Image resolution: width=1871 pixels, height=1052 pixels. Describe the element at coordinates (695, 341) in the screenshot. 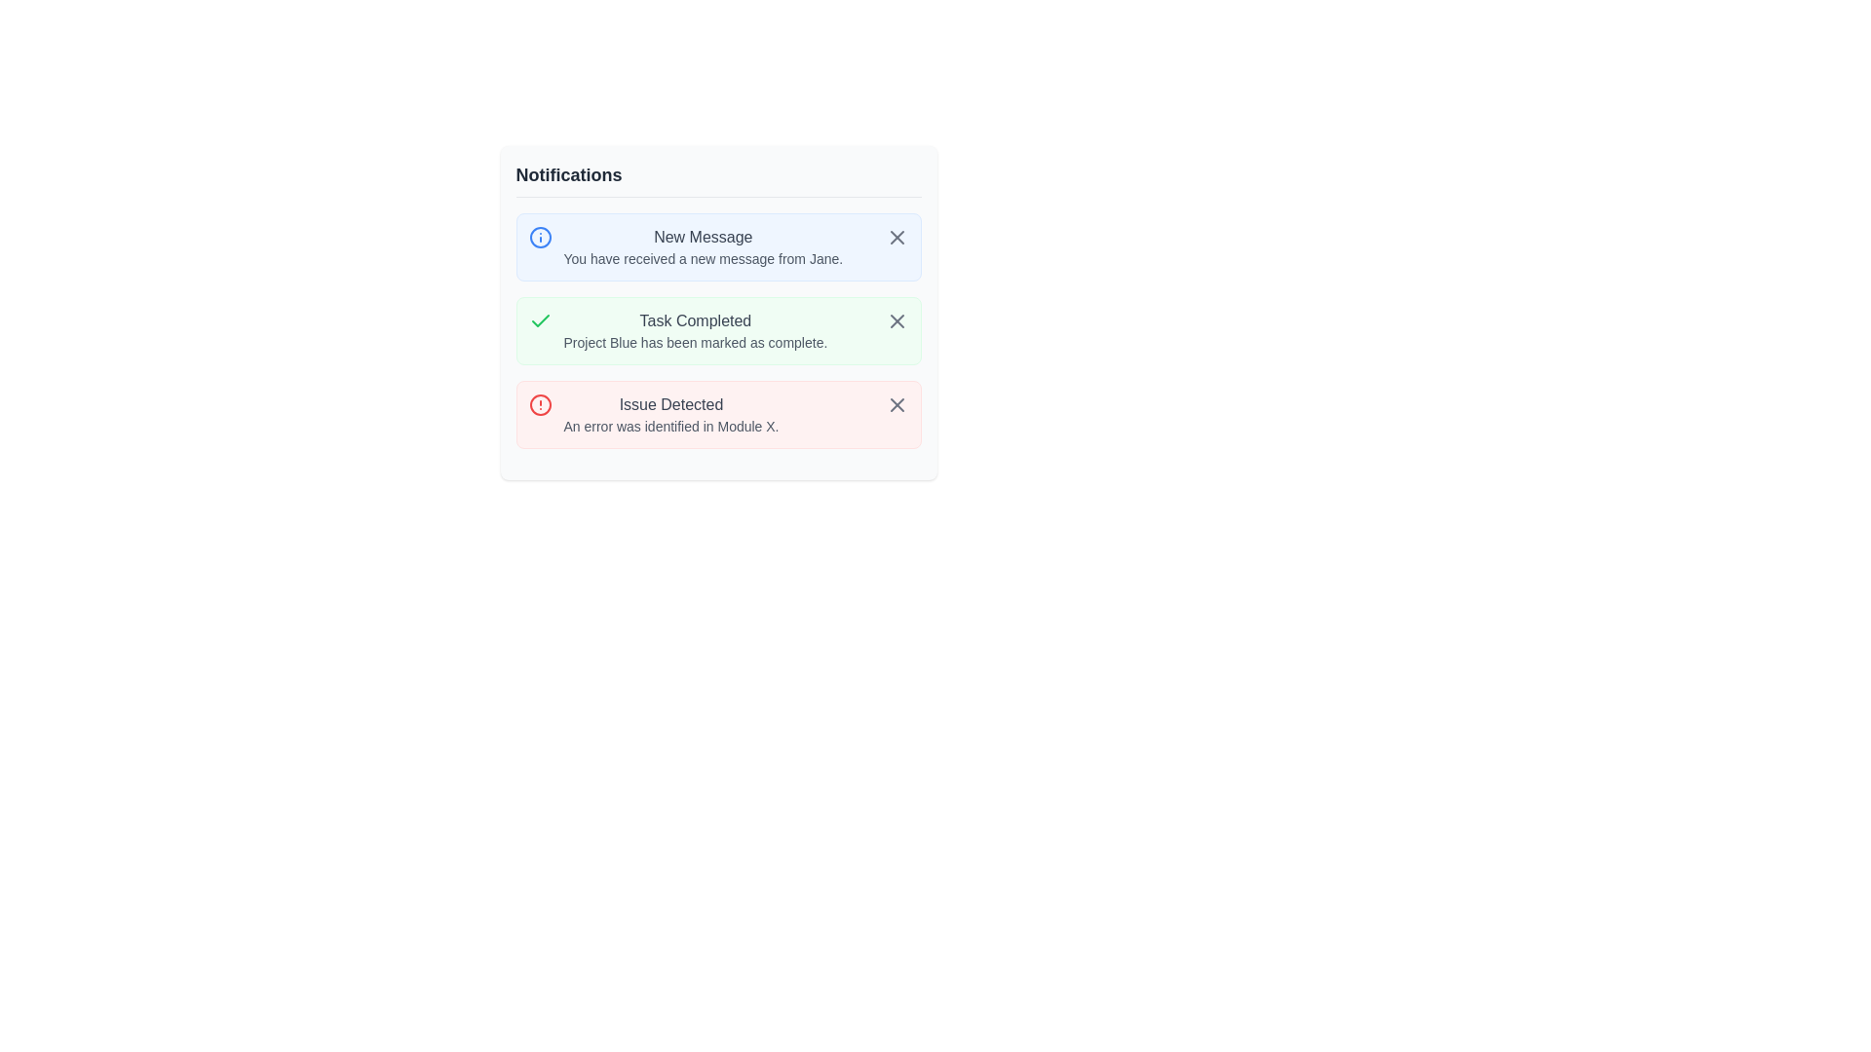

I see `the text label that provides the notification description for 'Project Blue' marked complete, located beneath the 'Task Completed' header in the second notification module` at that location.